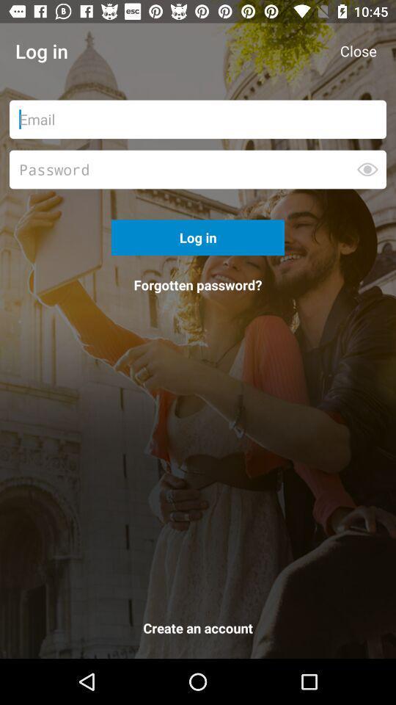 The height and width of the screenshot is (705, 396). What do you see at coordinates (357, 51) in the screenshot?
I see `the close` at bounding box center [357, 51].